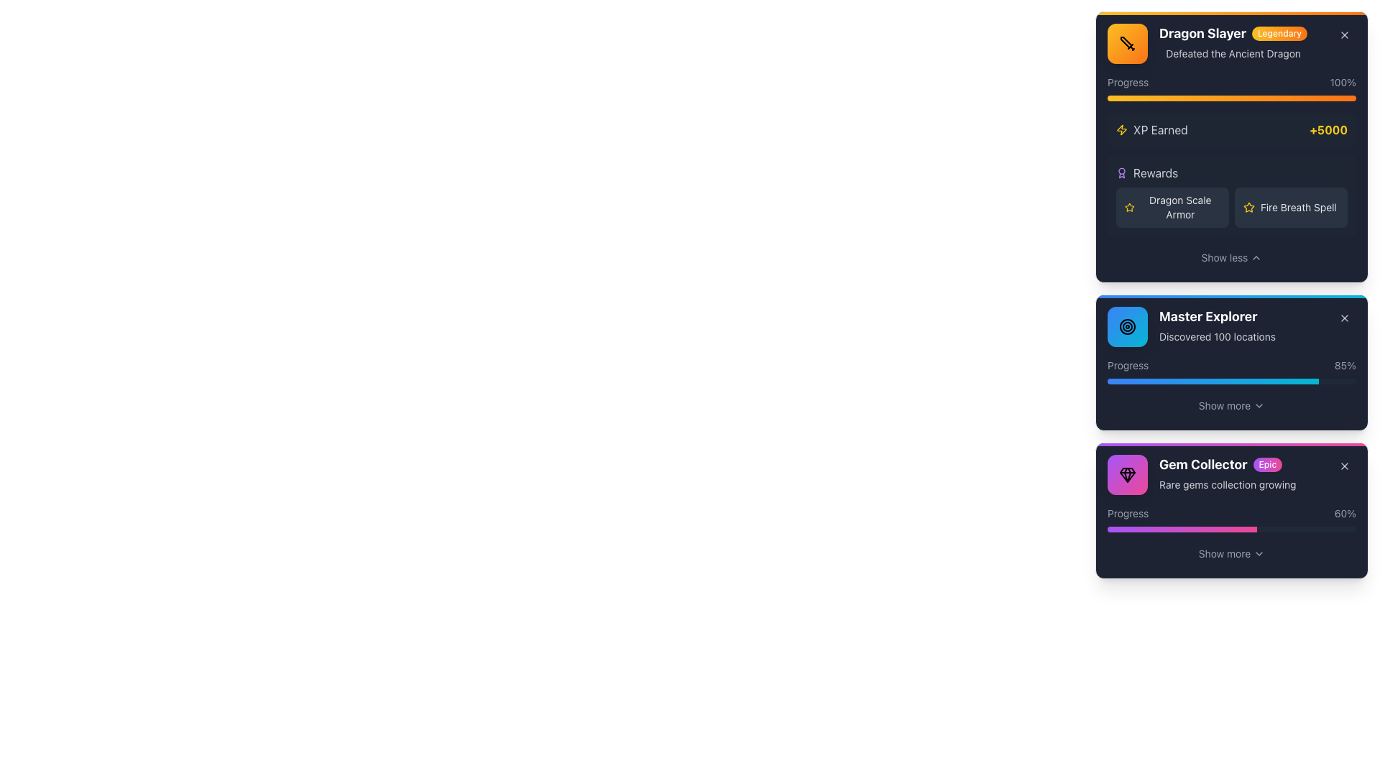 The height and width of the screenshot is (776, 1380). Describe the element at coordinates (1127, 474) in the screenshot. I see `the decorative marker icon for the 'Gem Collector' section, located on the left side as its visual identifier` at that location.